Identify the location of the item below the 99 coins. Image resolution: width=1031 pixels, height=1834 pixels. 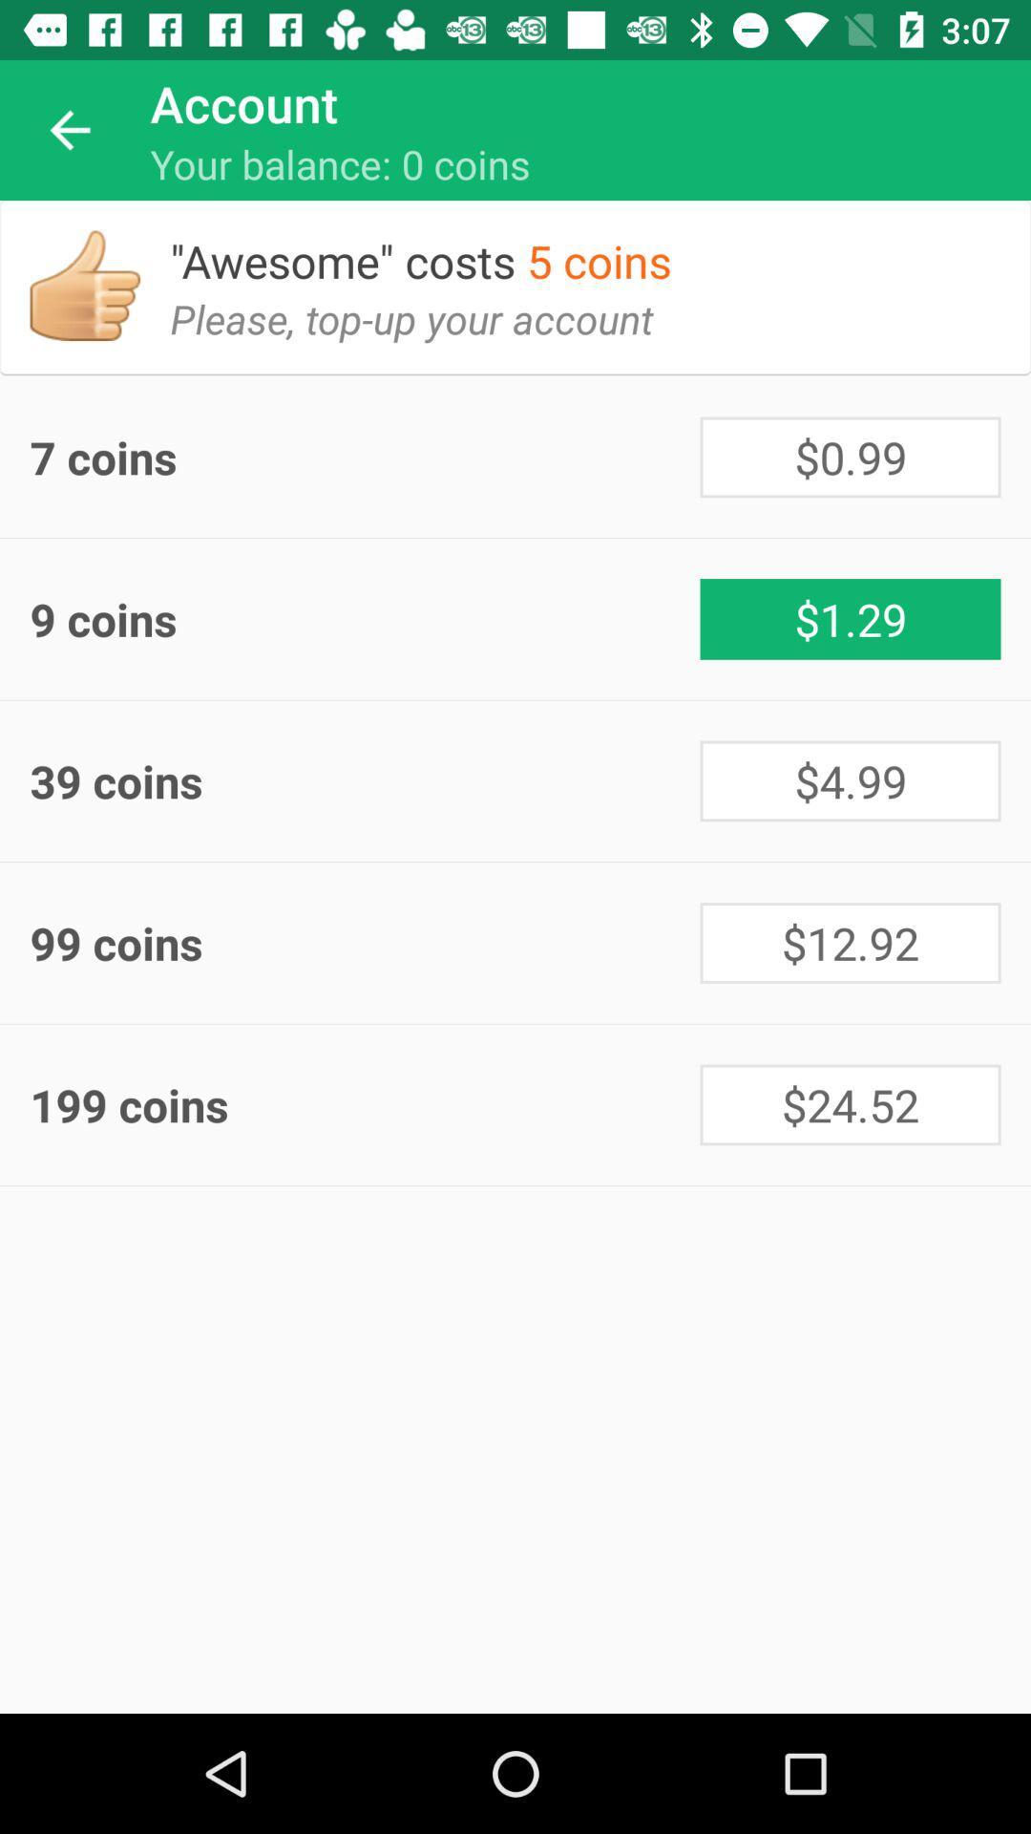
(850, 1104).